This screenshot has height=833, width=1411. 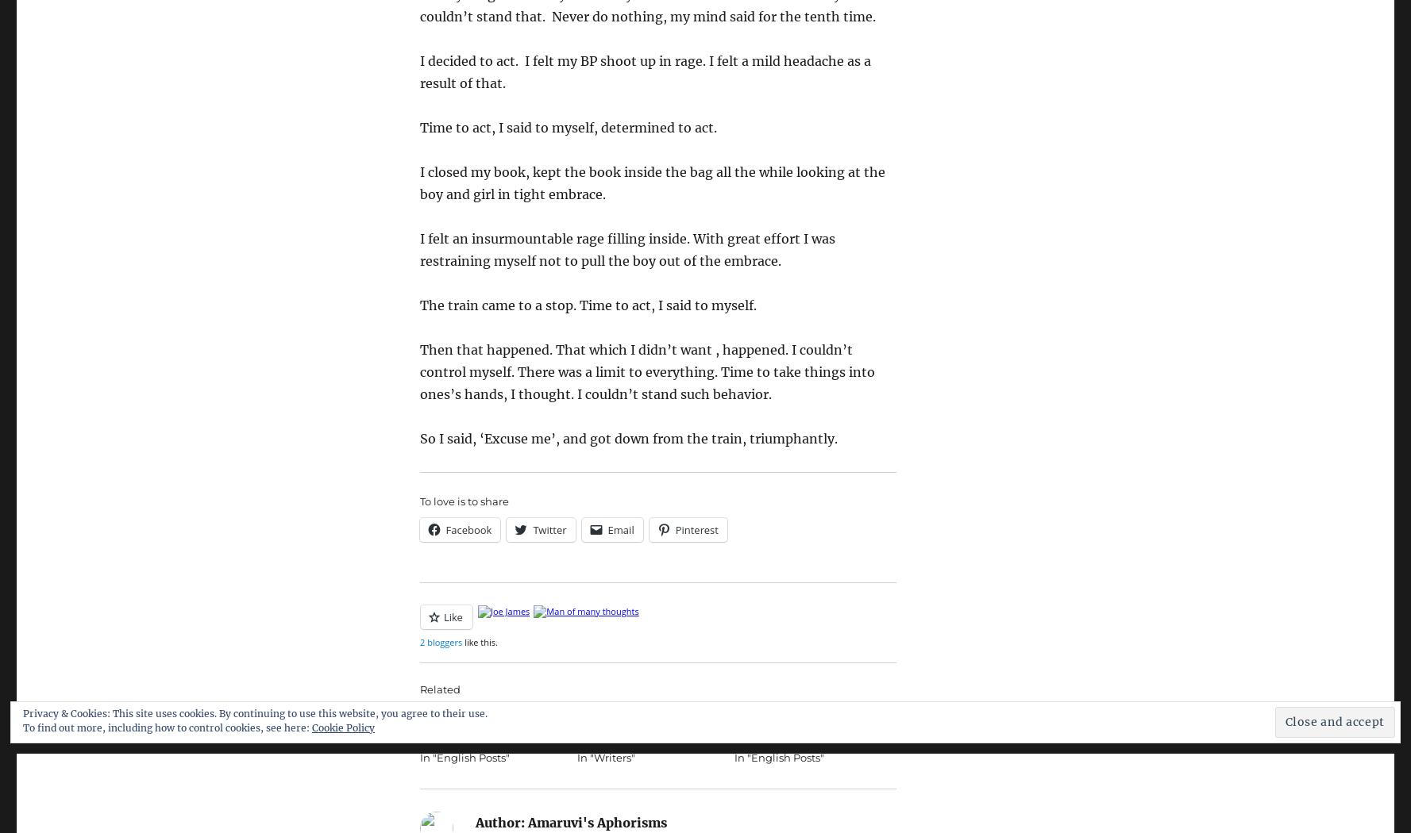 I want to click on 'Cookie Policy', so click(x=342, y=727).